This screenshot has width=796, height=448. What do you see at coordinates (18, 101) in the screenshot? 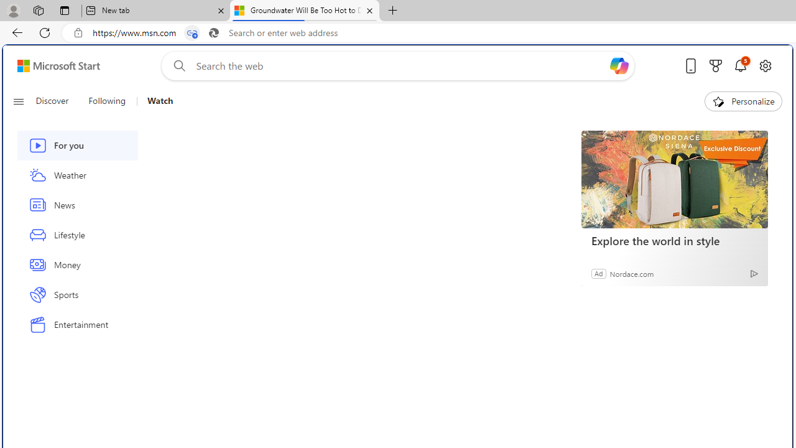
I see `'Class: button-glyph'` at bounding box center [18, 101].